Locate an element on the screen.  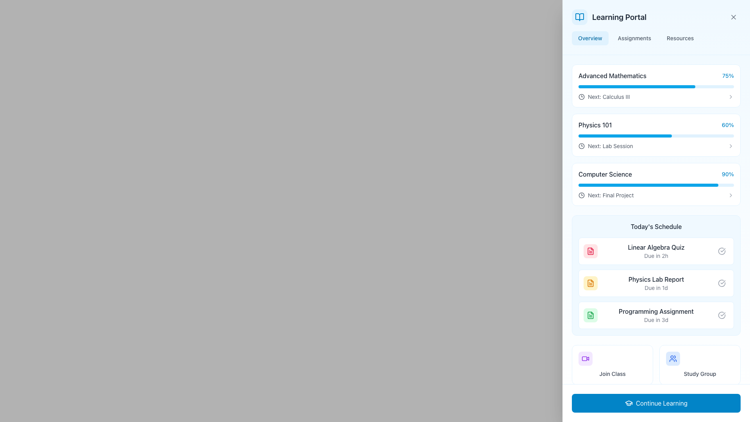
the 'Overview' navigation tab, which has a light blue background and dark blue text is located at coordinates (590, 38).